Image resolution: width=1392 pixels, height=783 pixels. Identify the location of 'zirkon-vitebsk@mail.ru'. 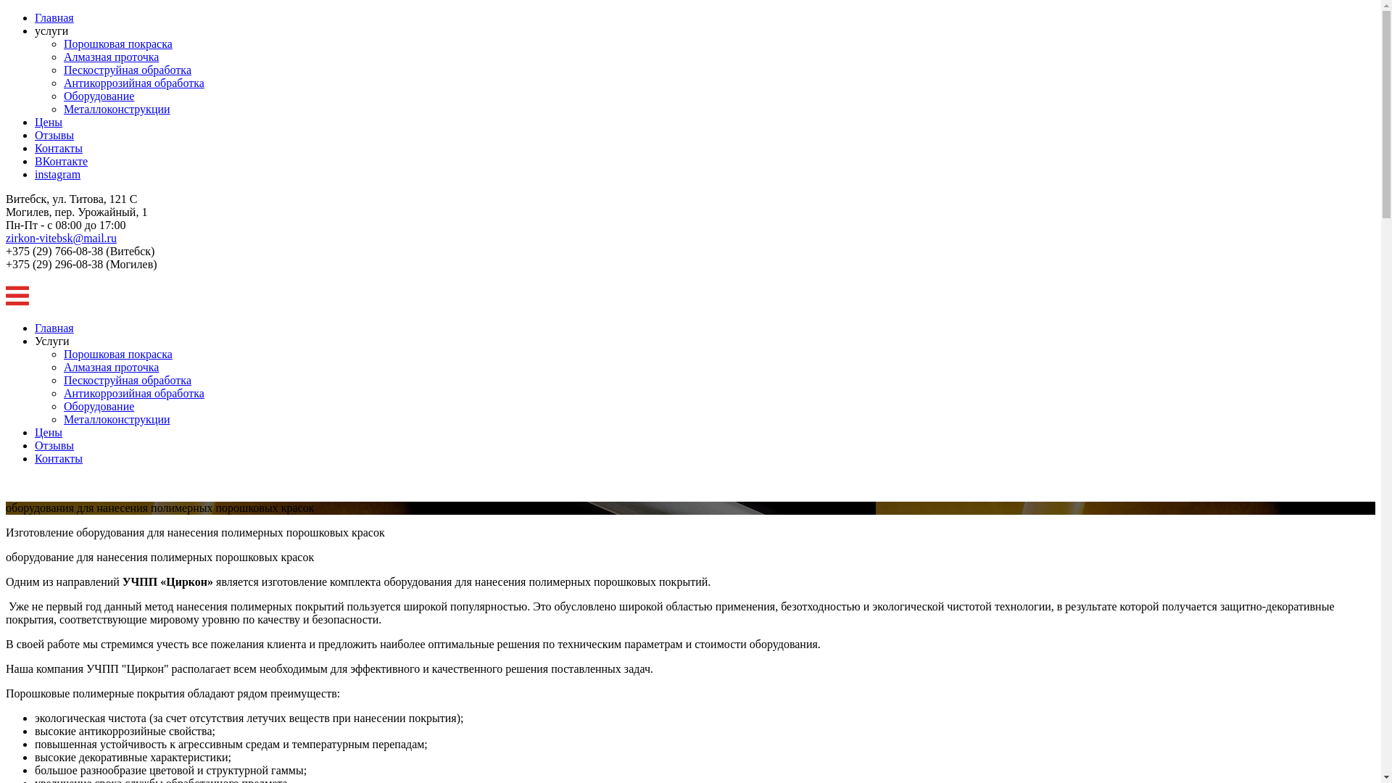
(6, 237).